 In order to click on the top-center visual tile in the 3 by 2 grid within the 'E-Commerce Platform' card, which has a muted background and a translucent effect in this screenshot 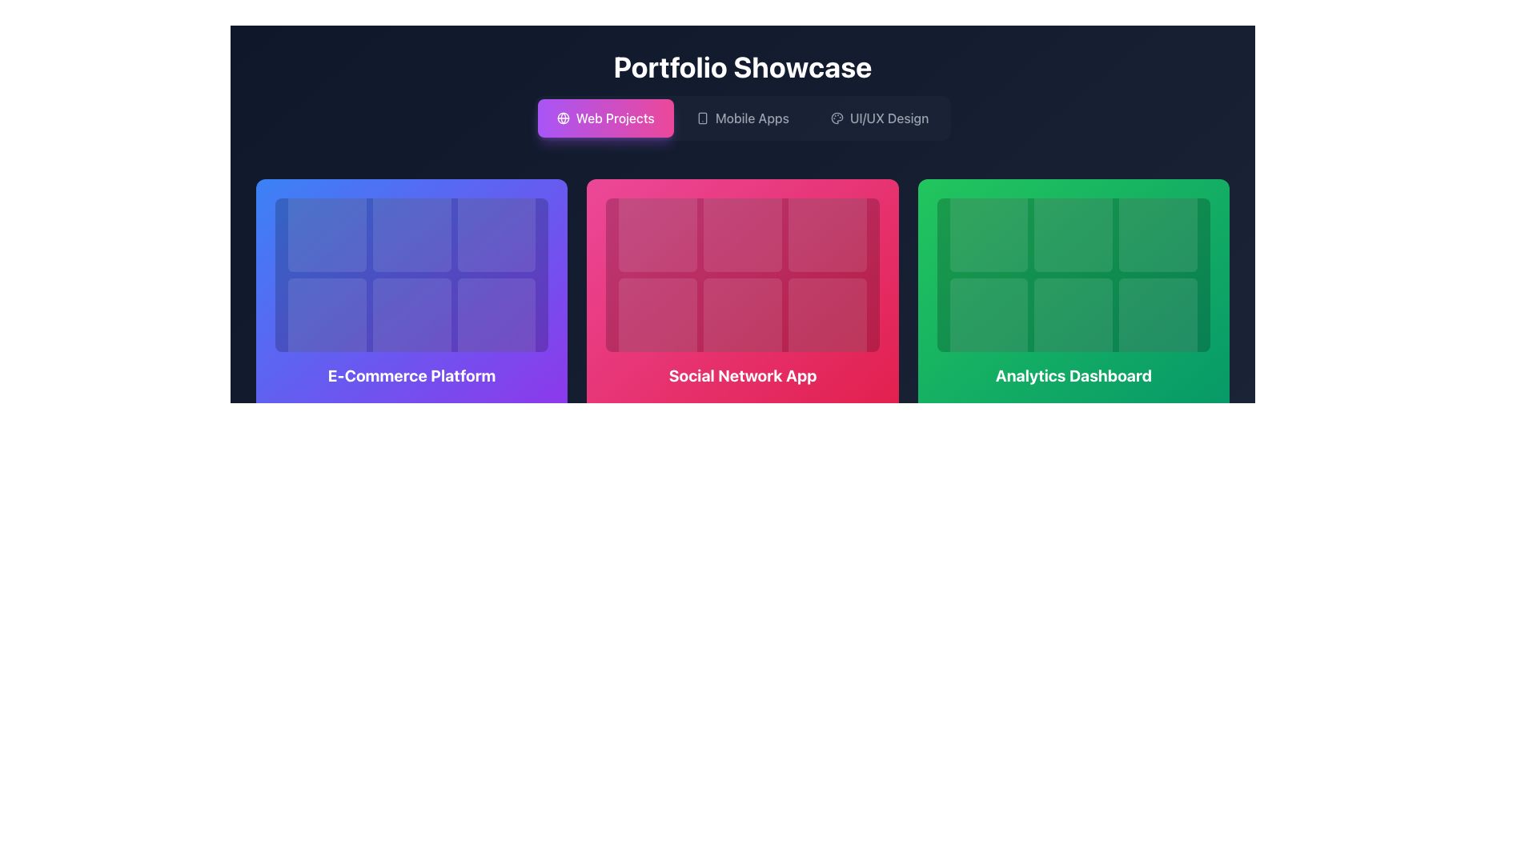, I will do `click(496, 233)`.